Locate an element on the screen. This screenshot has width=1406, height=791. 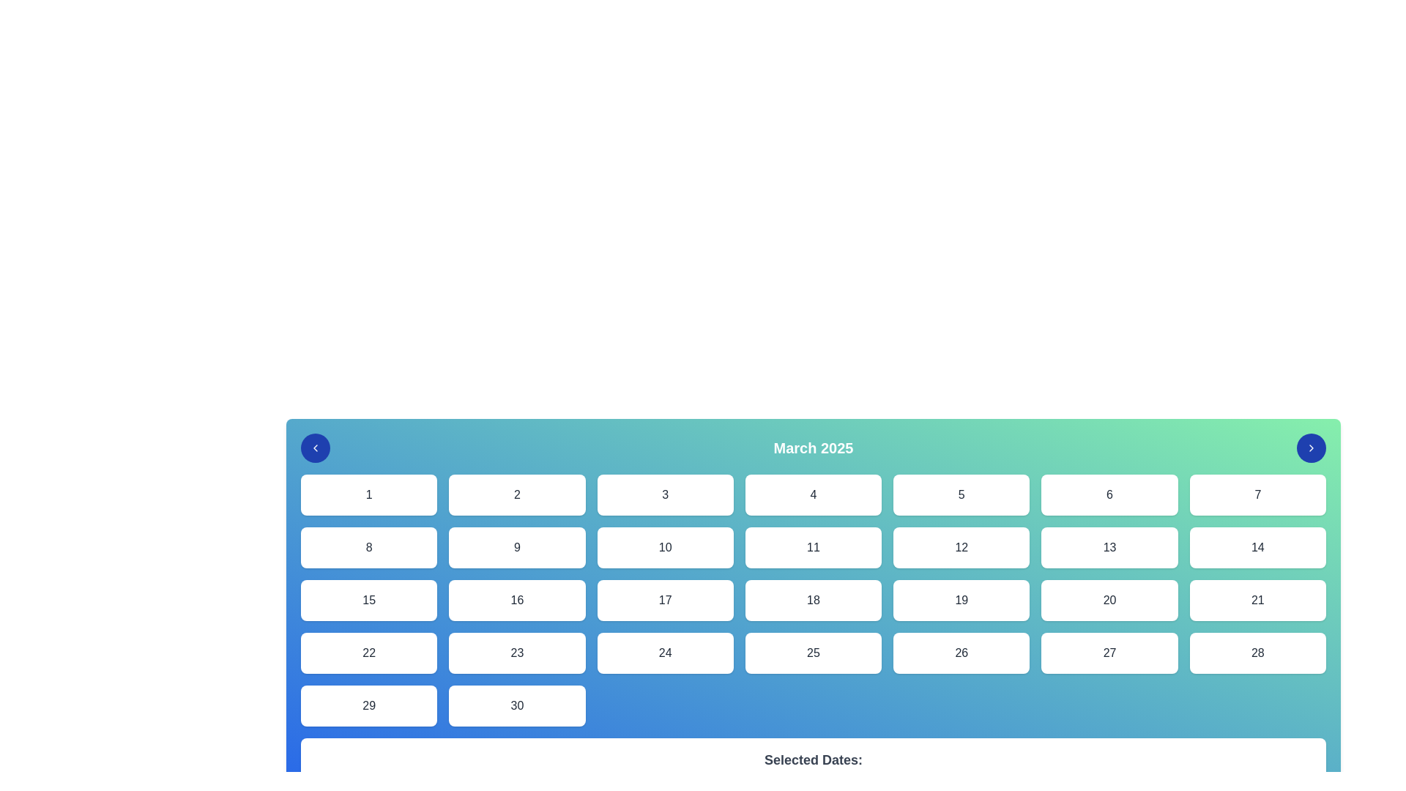
the Text button displaying the number '30' in the bottom-right corner of the grid is located at coordinates (517, 705).